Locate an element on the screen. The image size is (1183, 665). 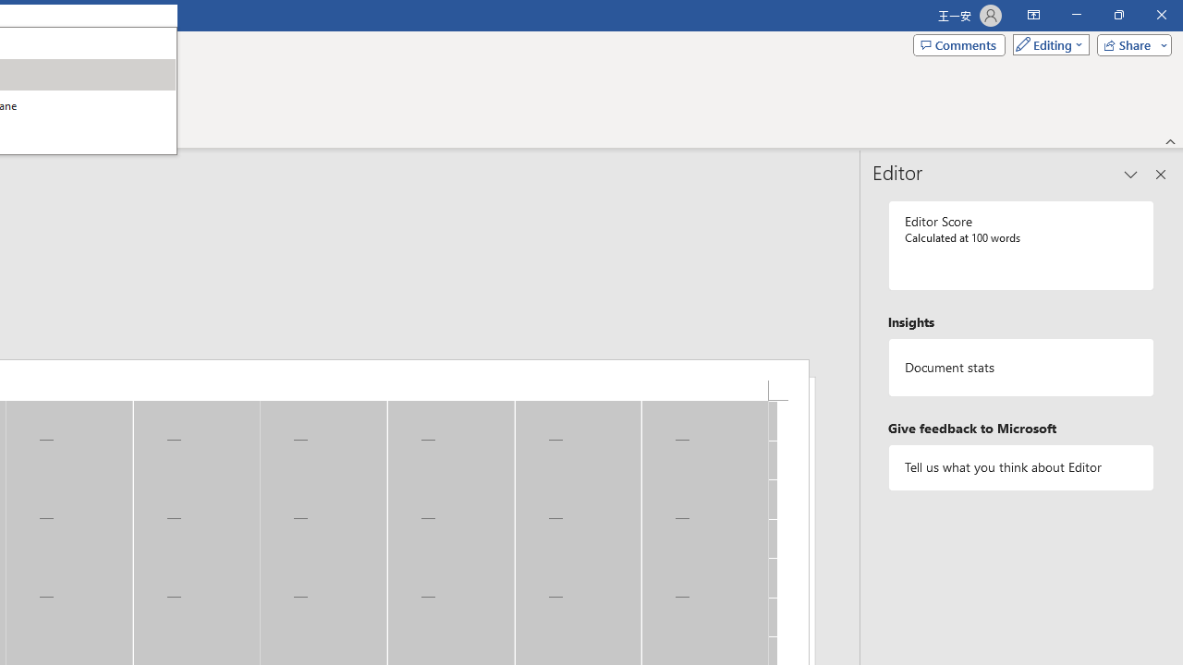
'Task Pane Options' is located at coordinates (1130, 175).